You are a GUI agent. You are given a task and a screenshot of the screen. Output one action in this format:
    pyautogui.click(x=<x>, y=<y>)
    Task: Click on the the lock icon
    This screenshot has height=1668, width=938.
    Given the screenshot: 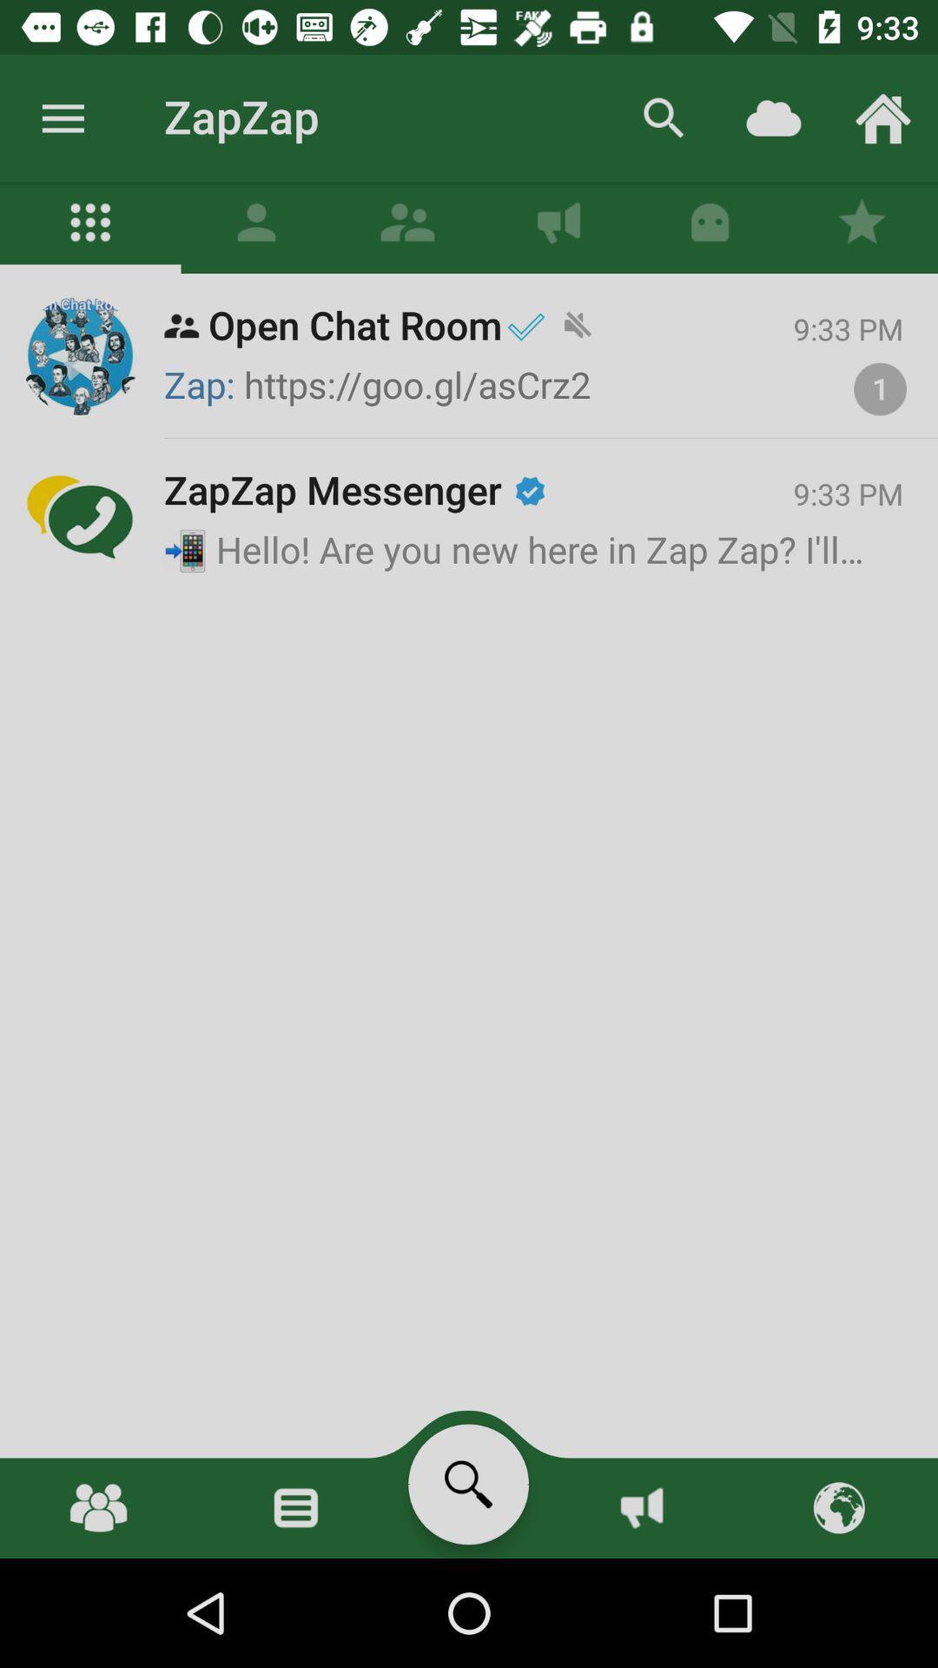 What is the action you would take?
    pyautogui.click(x=710, y=227)
    